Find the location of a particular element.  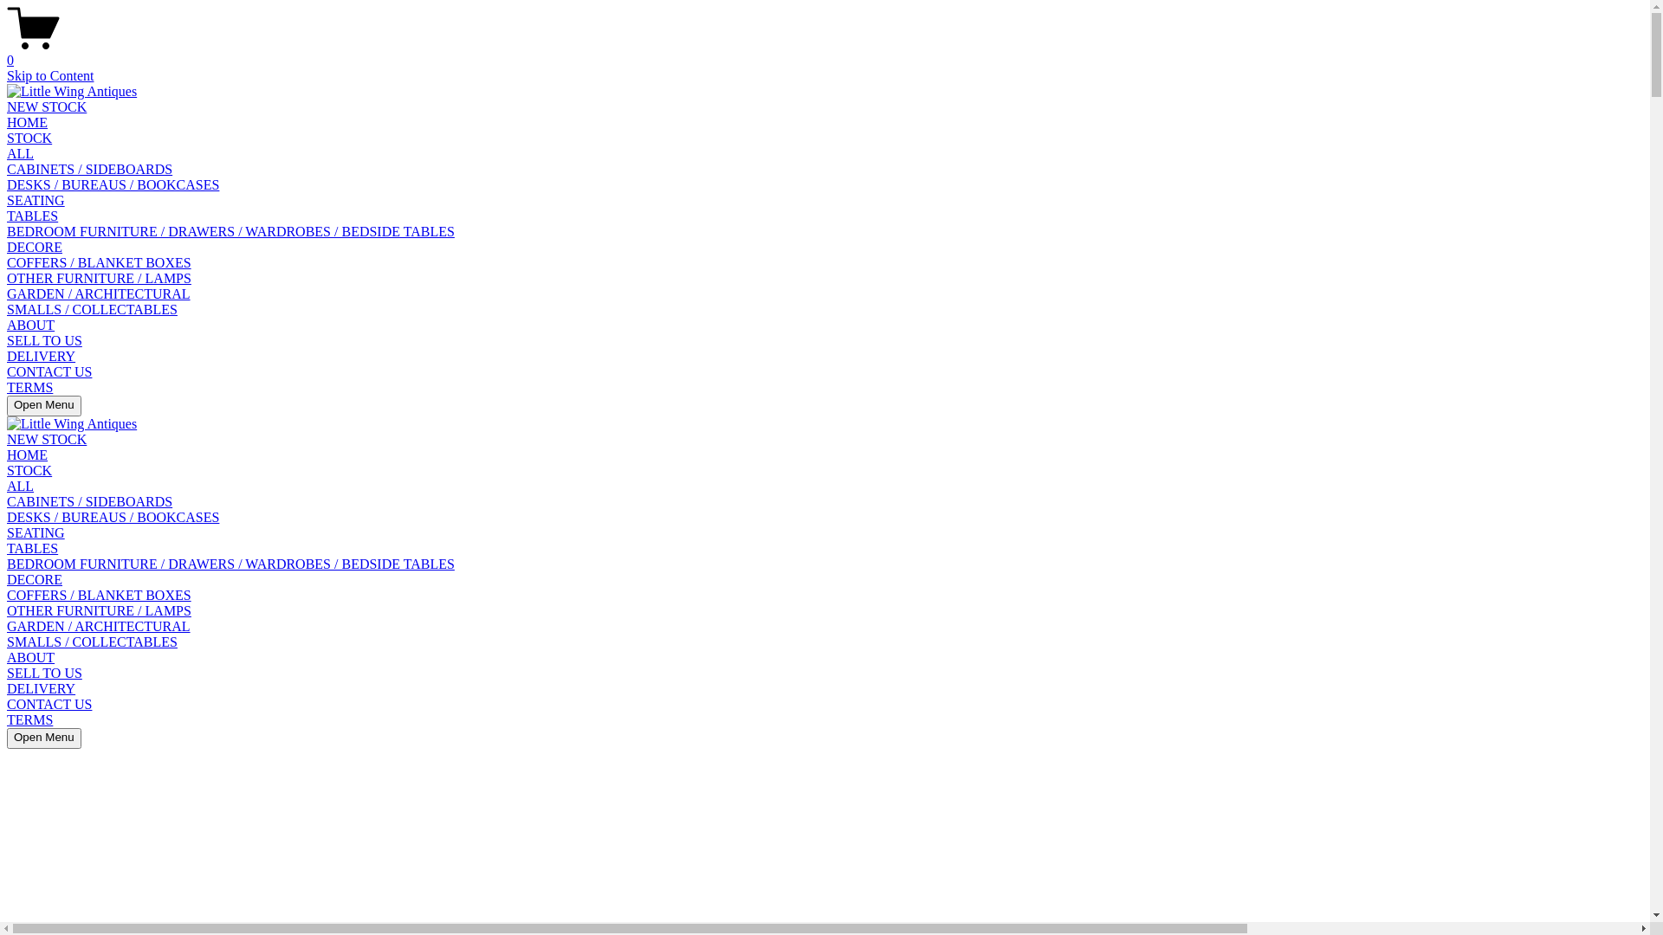

'Skip to Content' is located at coordinates (49, 74).